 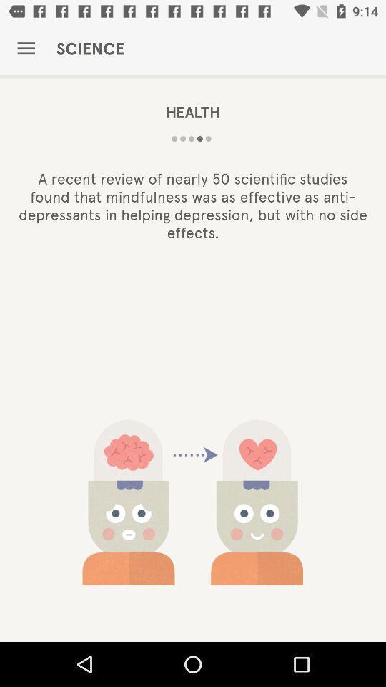 I want to click on the icon next to science, so click(x=26, y=49).